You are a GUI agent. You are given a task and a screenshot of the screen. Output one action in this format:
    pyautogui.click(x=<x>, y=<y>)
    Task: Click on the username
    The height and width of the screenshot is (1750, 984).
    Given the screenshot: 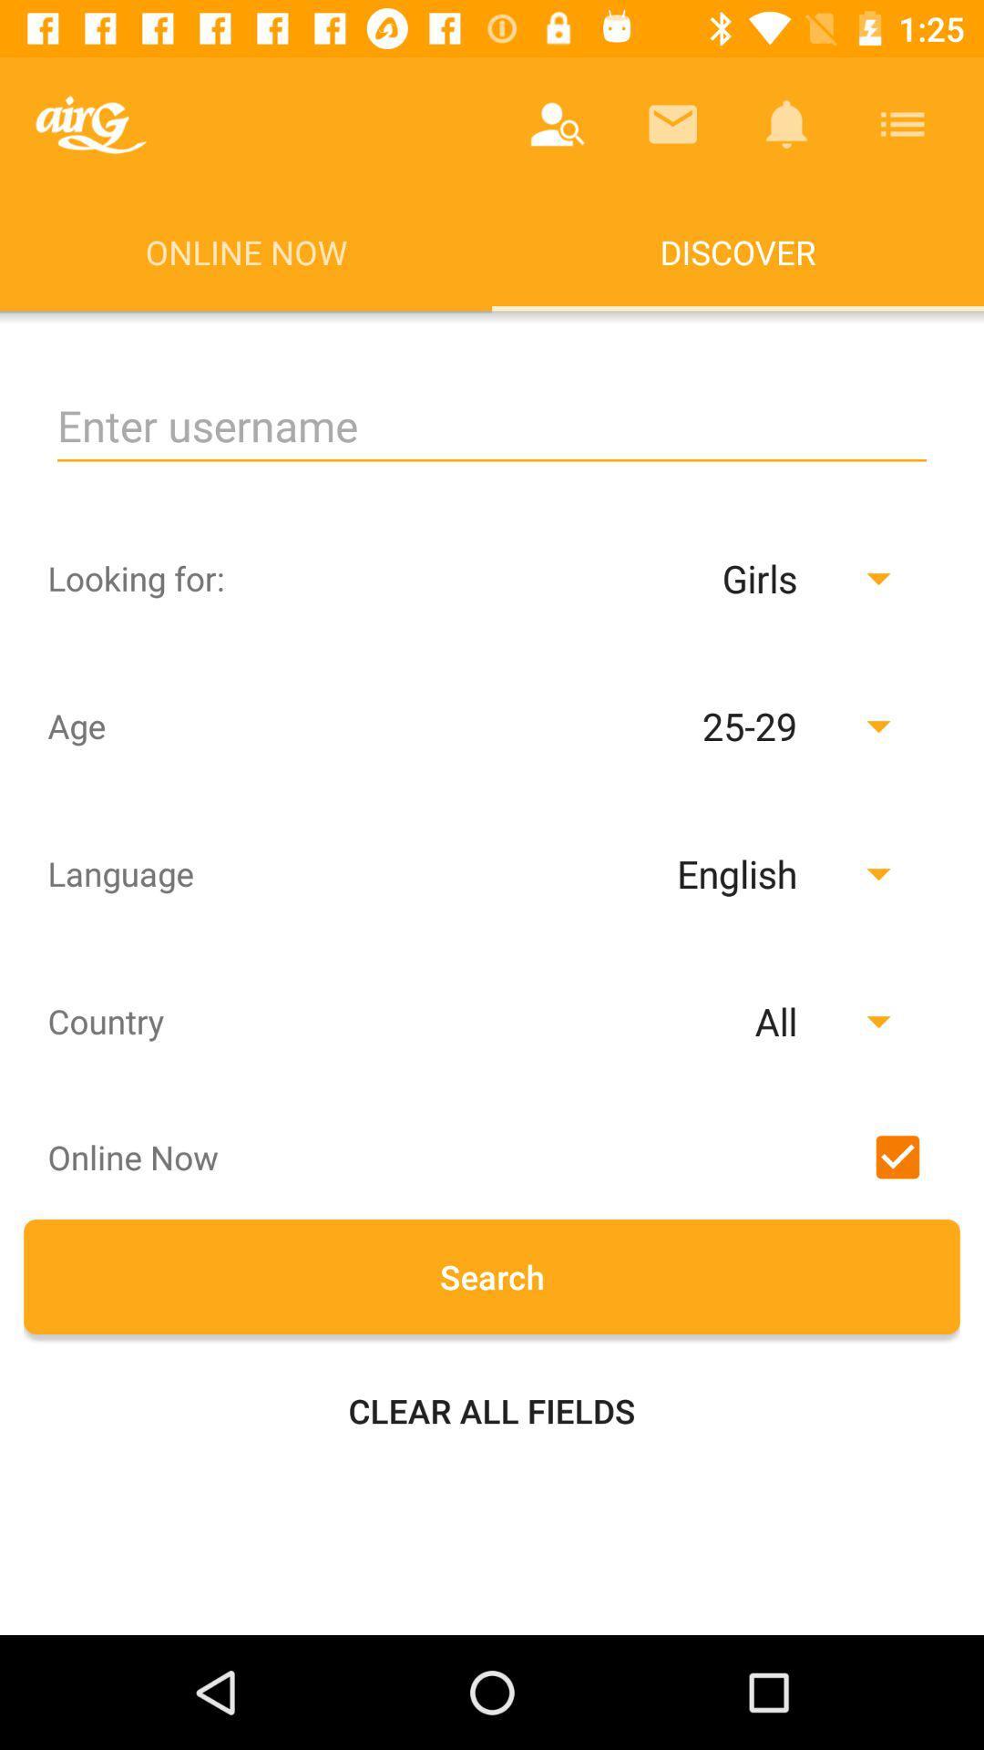 What is the action you would take?
    pyautogui.click(x=492, y=425)
    